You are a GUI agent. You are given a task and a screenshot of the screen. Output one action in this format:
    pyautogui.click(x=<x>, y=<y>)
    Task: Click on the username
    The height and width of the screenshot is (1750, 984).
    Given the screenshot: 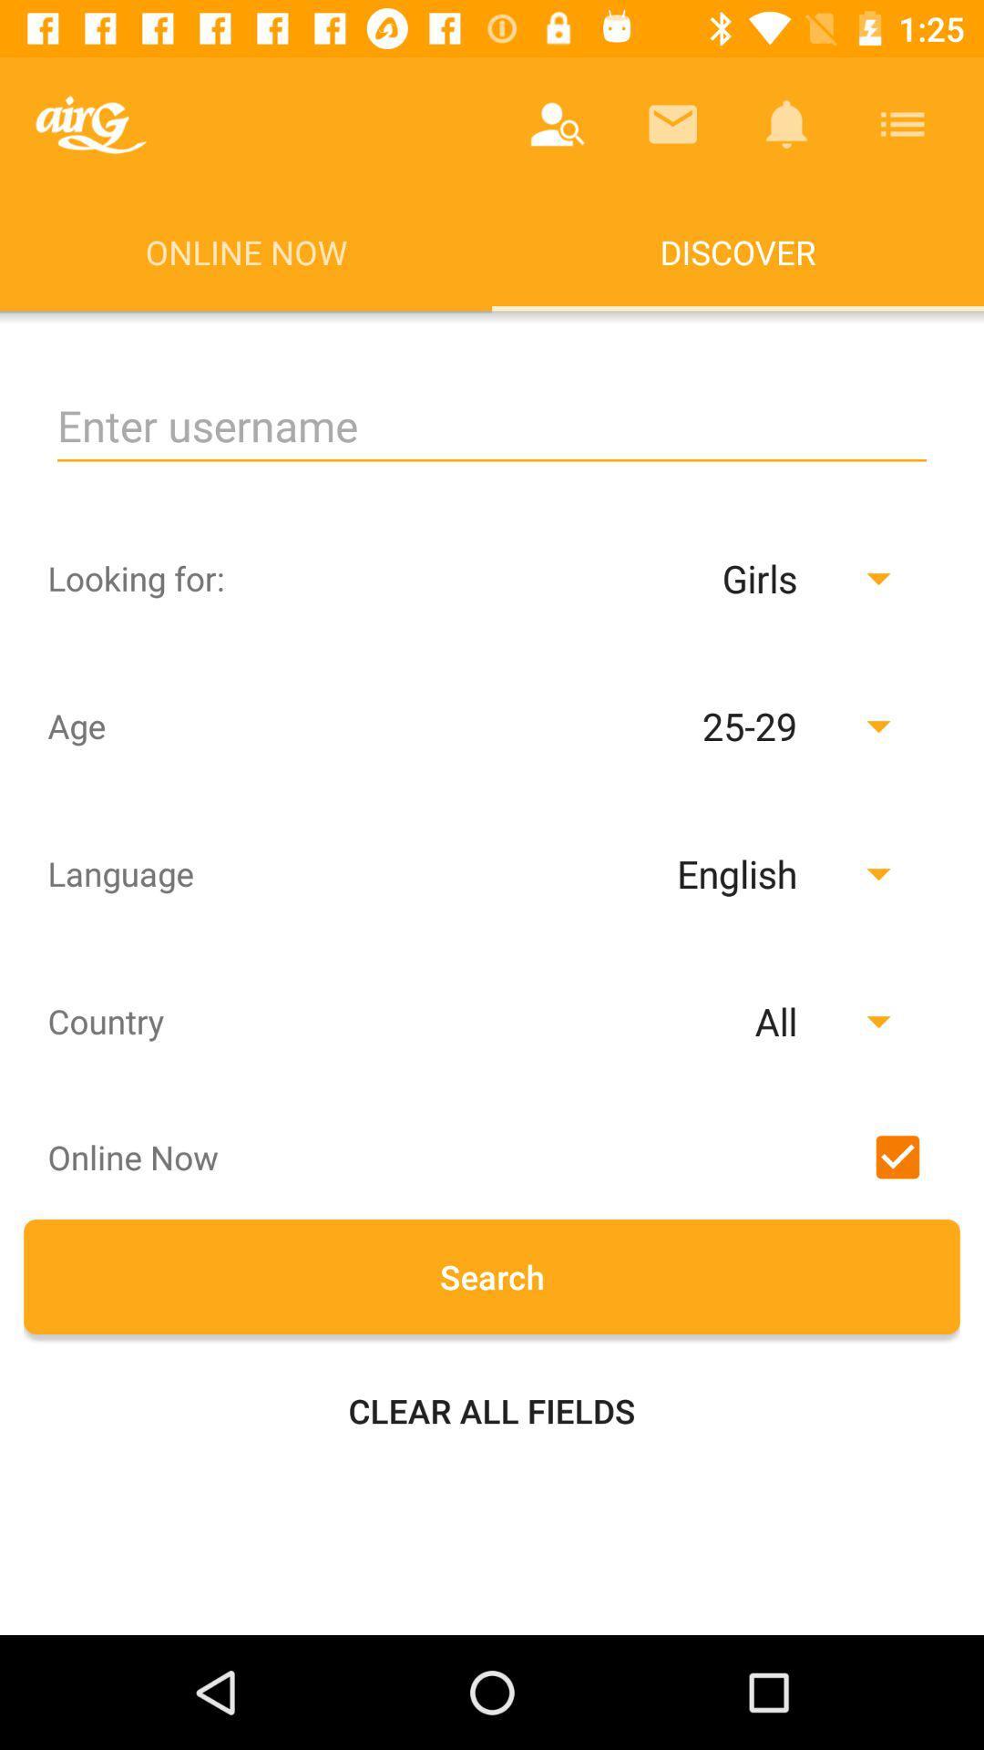 What is the action you would take?
    pyautogui.click(x=492, y=425)
    